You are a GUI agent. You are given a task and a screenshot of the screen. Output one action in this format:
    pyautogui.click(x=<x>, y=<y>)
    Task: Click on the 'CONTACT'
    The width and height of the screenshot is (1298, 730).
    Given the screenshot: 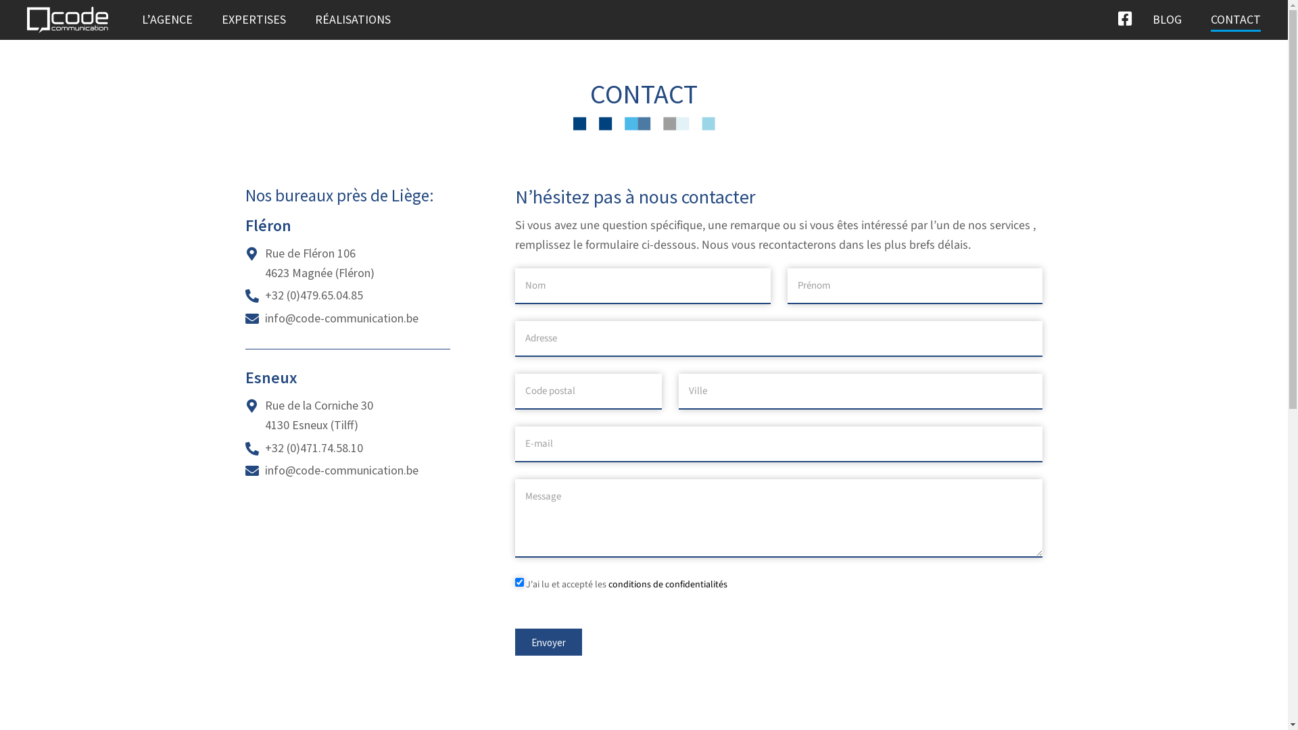 What is the action you would take?
    pyautogui.click(x=1236, y=20)
    